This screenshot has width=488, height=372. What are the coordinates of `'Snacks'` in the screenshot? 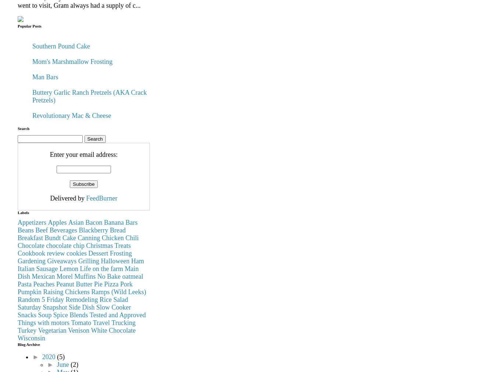 It's located at (27, 315).